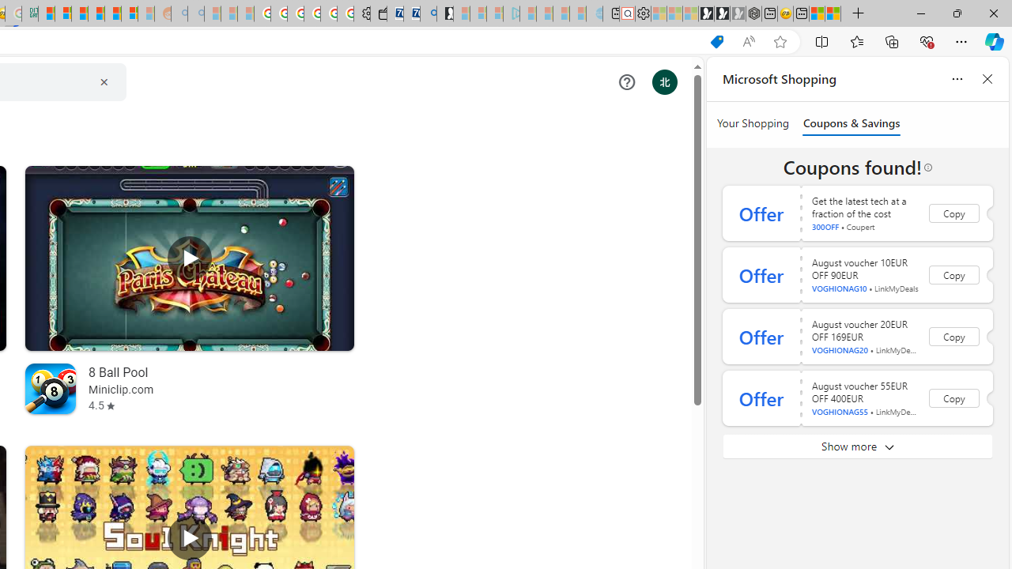  Describe the element at coordinates (377, 13) in the screenshot. I see `'Wallet'` at that location.